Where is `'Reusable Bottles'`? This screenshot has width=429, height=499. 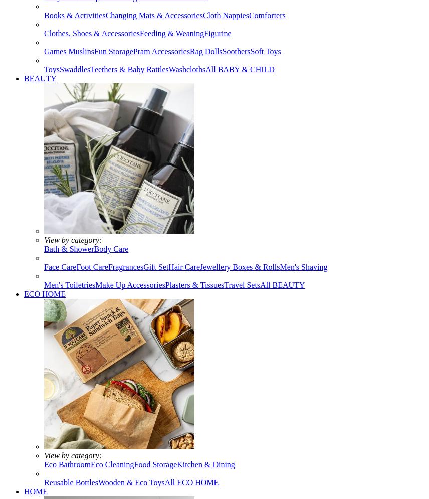
'Reusable Bottles' is located at coordinates (70, 482).